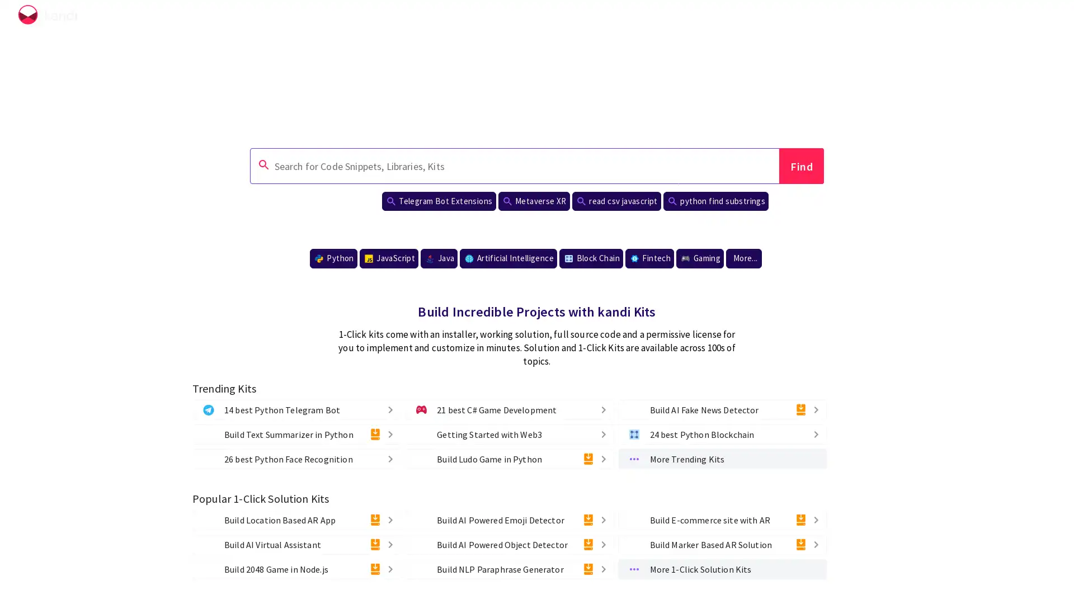 The image size is (1074, 604). I want to click on search icon Artificial Intelligence, so click(507, 258).